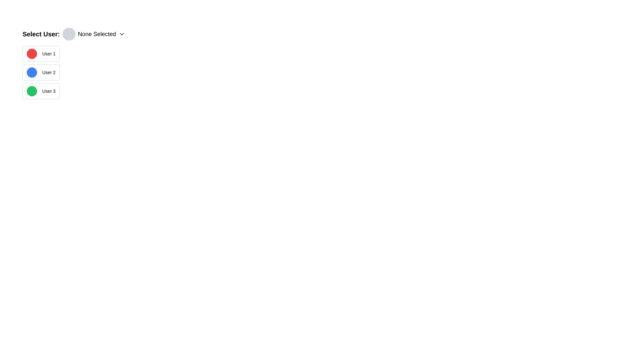 This screenshot has height=348, width=619. What do you see at coordinates (75, 34) in the screenshot?
I see `the dropdown selector for choosing a user, located at the top of the interface section` at bounding box center [75, 34].